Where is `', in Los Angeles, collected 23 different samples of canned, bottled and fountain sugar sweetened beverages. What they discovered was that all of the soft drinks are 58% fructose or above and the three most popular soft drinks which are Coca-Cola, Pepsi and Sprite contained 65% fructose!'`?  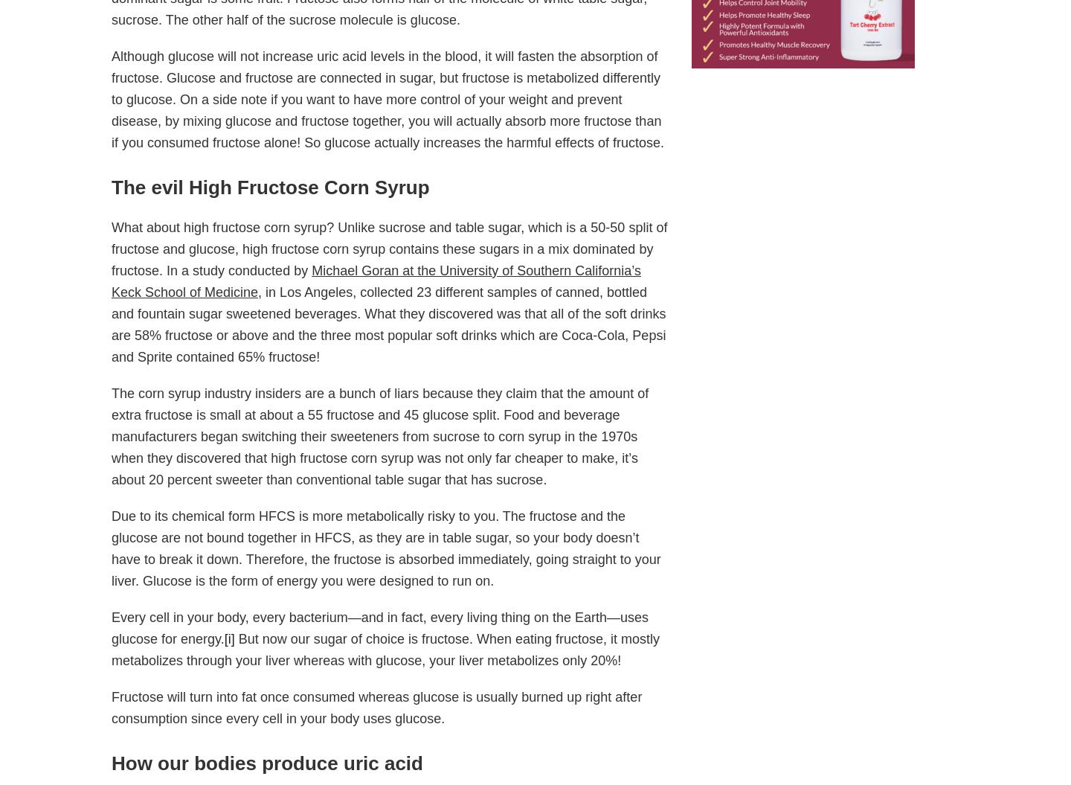
', in Los Angeles, collected 23 different samples of canned, bottled and fountain sugar sweetened beverages. What they discovered was that all of the soft drinks are 58% fructose or above and the three most popular soft drinks which are Coca-Cola, Pepsi and Sprite contained 65% fructose!' is located at coordinates (387, 324).